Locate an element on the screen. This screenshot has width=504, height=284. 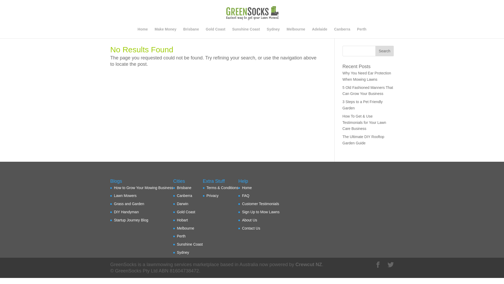
'DIY Handyman' is located at coordinates (126, 212).